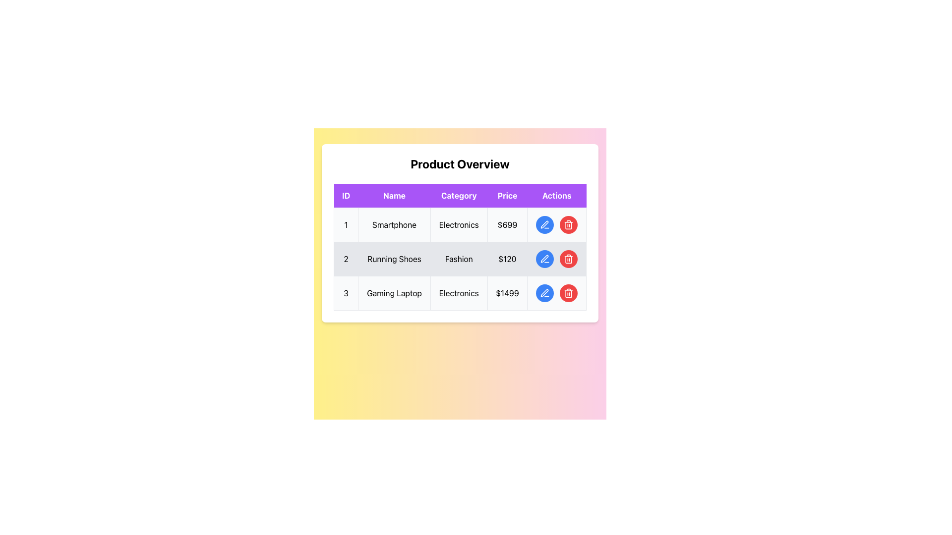  Describe the element at coordinates (569, 259) in the screenshot. I see `the trash icon embedded in the delete button located in the Actions column of the first row` at that location.